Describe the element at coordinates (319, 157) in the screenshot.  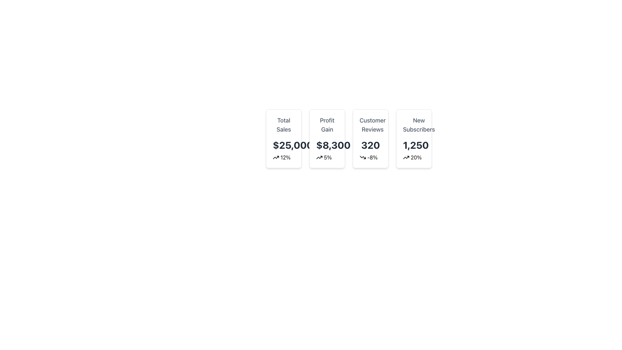
I see `the upward slanting arrow icon representing a trend indicator located in the 'Profit Gain' card, positioned below the main text '$8,300'` at that location.